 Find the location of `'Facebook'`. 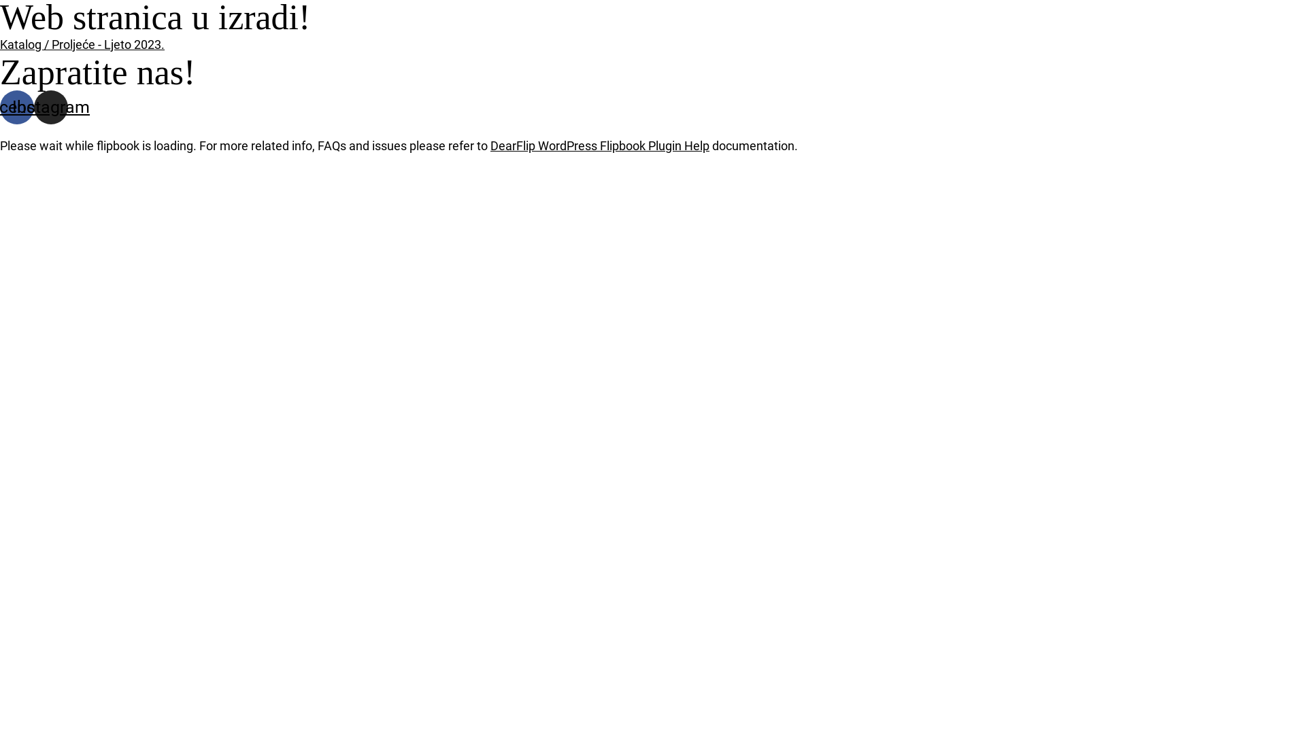

'Facebook' is located at coordinates (0, 107).